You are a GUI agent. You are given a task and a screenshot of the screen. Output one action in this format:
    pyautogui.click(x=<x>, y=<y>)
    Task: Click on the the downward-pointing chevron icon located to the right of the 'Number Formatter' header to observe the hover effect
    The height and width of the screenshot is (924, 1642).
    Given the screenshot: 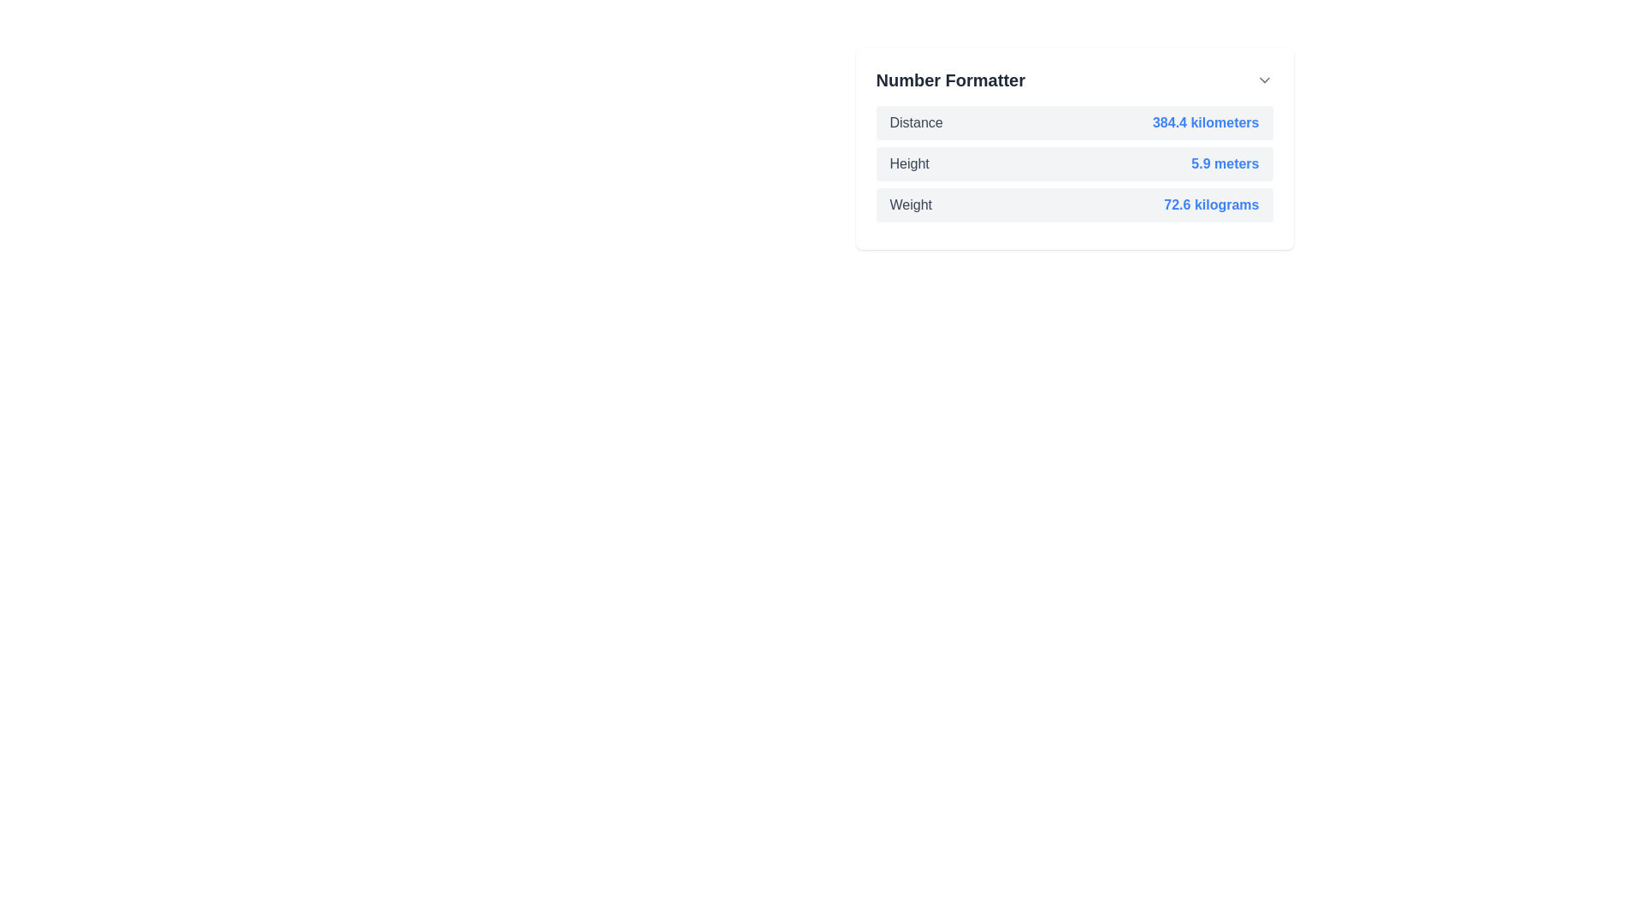 What is the action you would take?
    pyautogui.click(x=1264, y=80)
    